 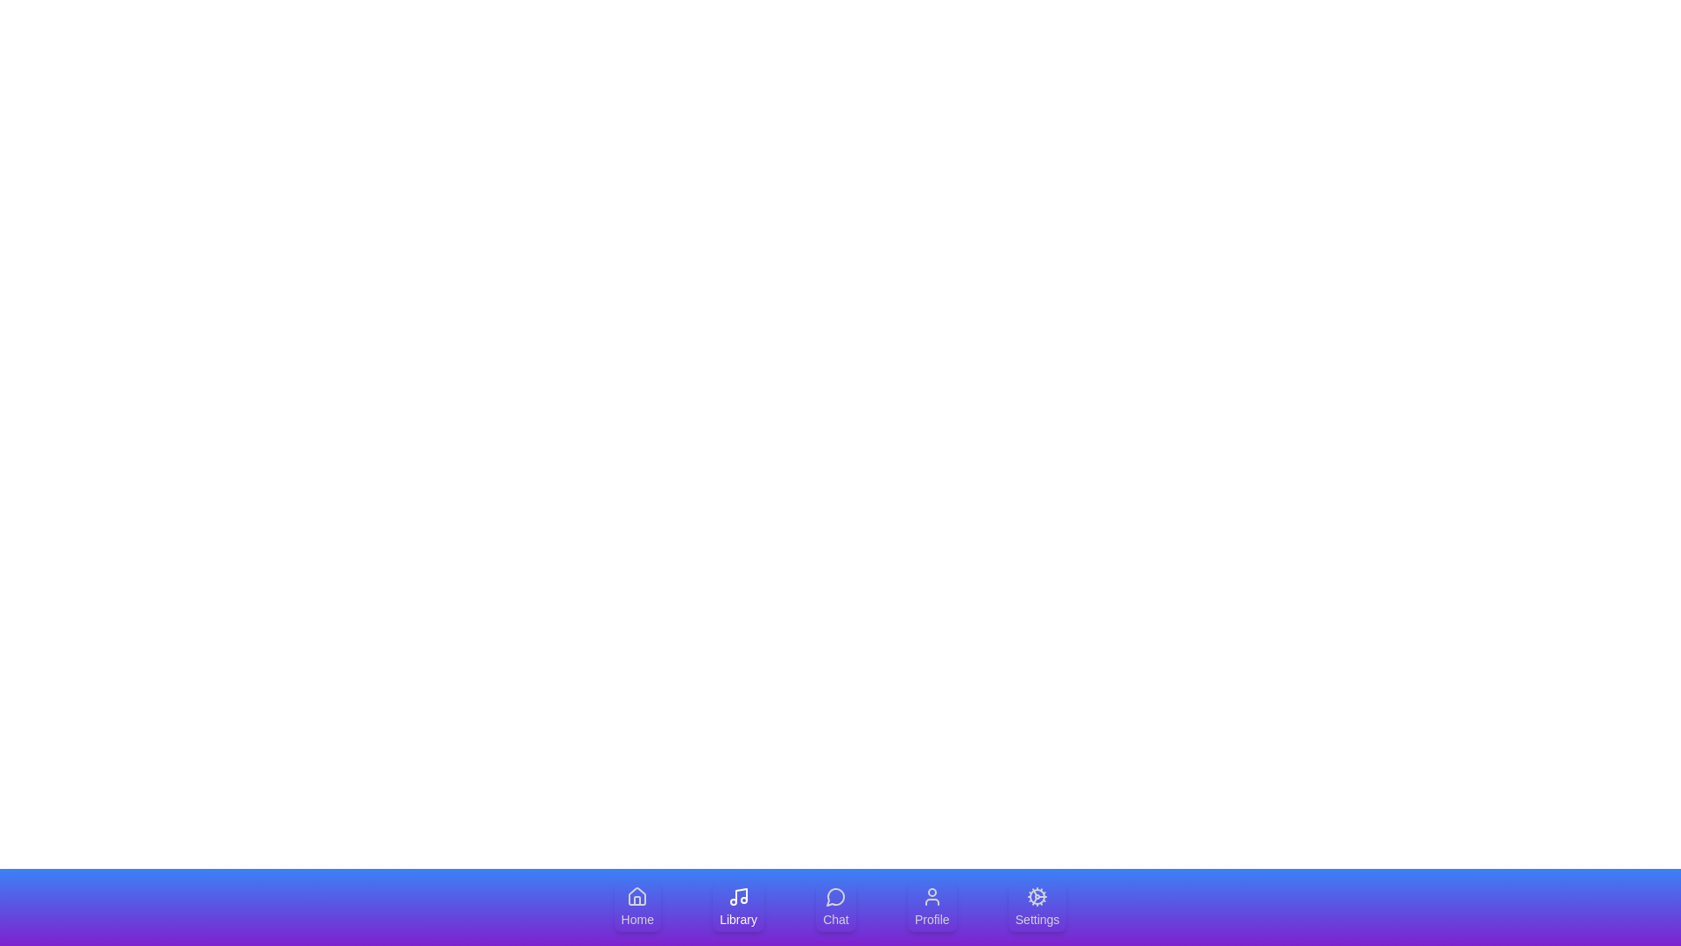 What do you see at coordinates (637, 907) in the screenshot?
I see `the Home tab to observe the hover effect` at bounding box center [637, 907].